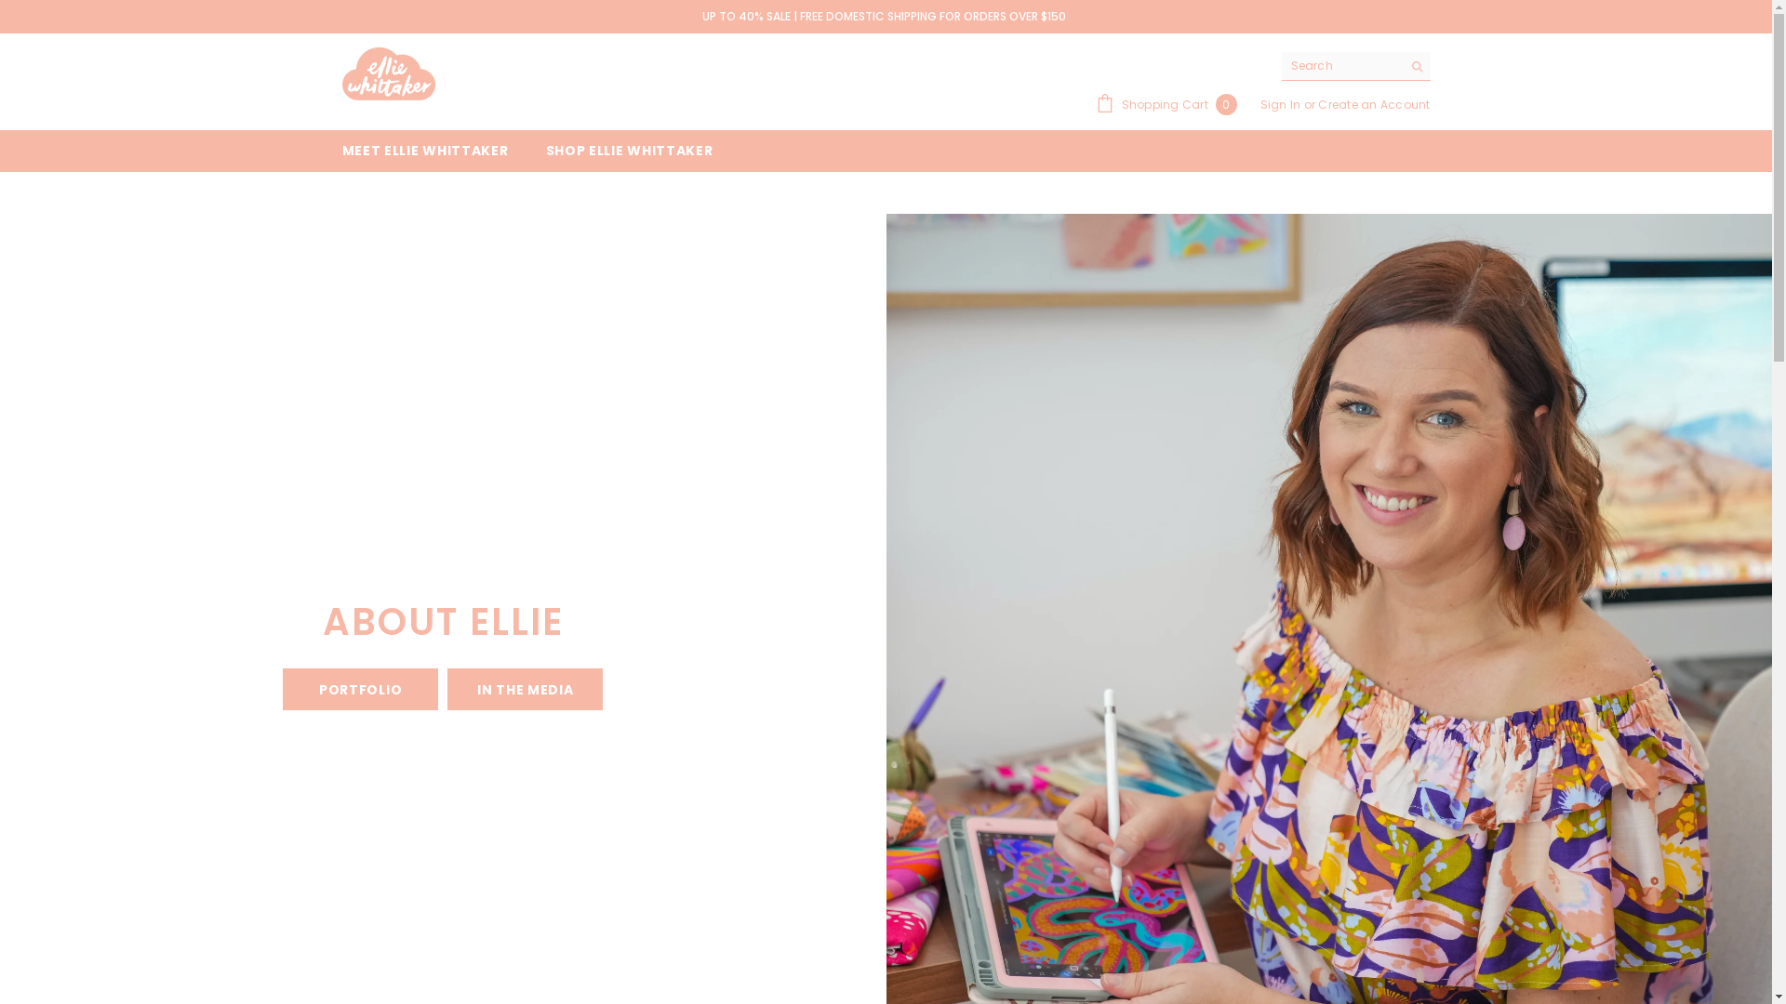 The height and width of the screenshot is (1004, 1786). Describe the element at coordinates (629, 150) in the screenshot. I see `'SHOP ELLIE WHITTAKER'` at that location.